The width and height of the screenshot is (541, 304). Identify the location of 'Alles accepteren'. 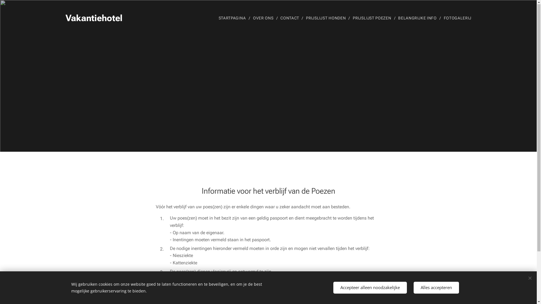
(436, 288).